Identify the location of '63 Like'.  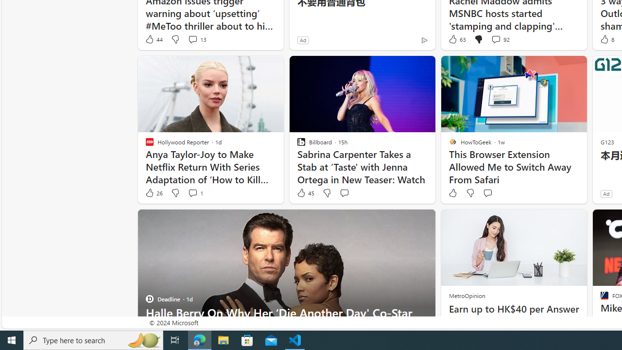
(456, 39).